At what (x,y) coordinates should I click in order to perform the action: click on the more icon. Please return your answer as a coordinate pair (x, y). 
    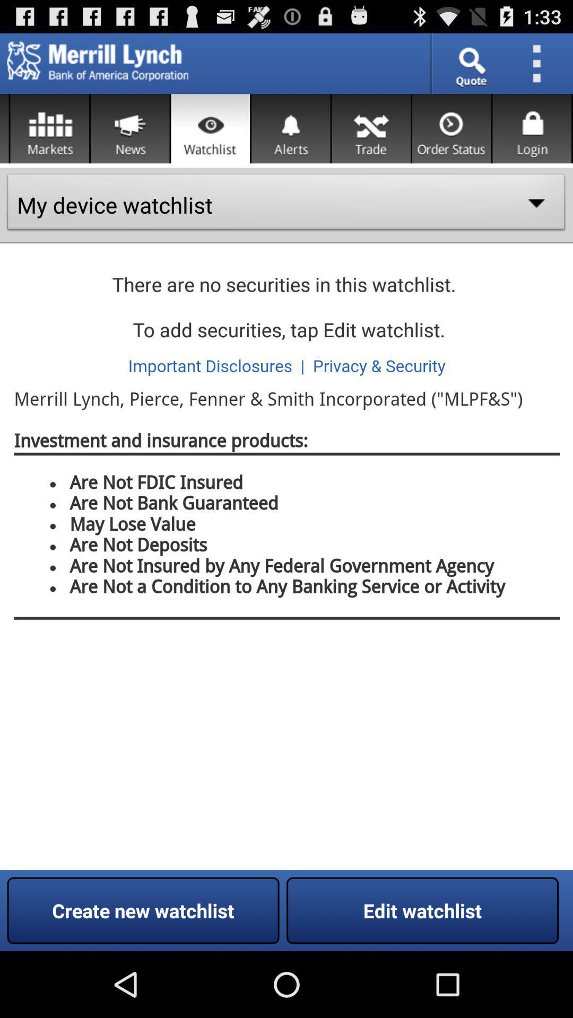
    Looking at the image, I should click on (540, 67).